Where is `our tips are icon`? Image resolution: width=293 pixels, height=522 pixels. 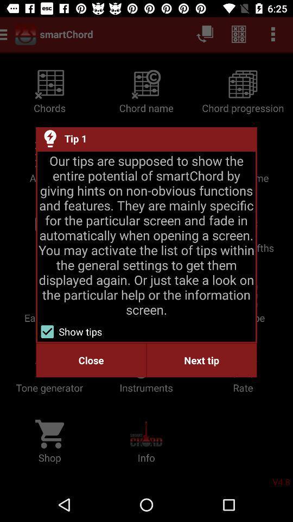 our tips are icon is located at coordinates (146, 235).